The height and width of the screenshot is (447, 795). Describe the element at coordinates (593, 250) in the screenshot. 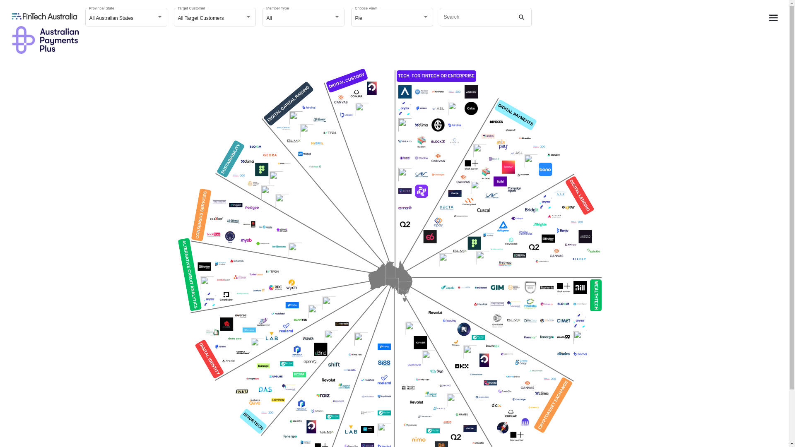

I see `'Apickle'` at that location.